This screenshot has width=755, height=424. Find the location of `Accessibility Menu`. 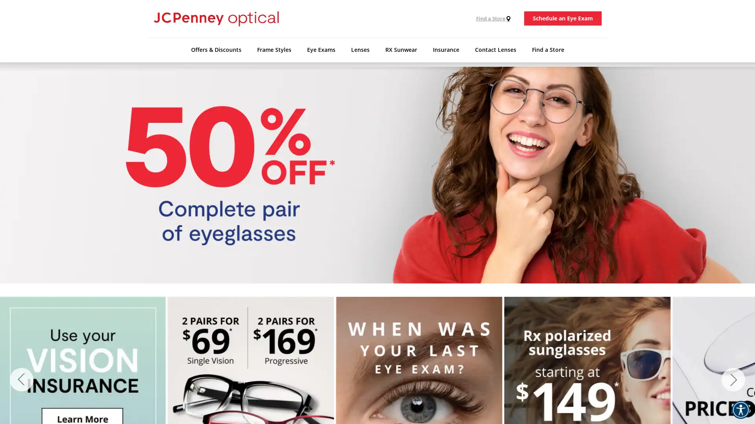

Accessibility Menu is located at coordinates (740, 409).